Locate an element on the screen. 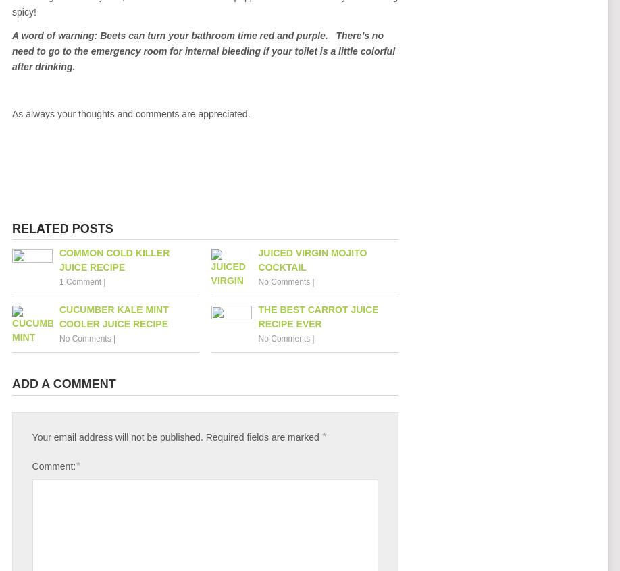 This screenshot has height=571, width=620. 'Your email address will not be published.' is located at coordinates (117, 437).